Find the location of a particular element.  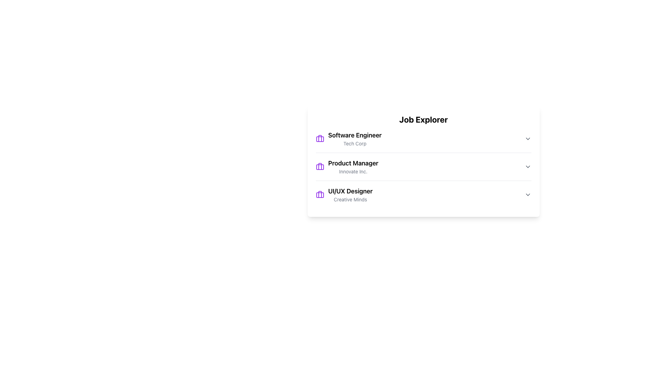

the non-interactive text label displaying 'Tech Corp', which provides supplemental information about the job title 'Software Engineer' is located at coordinates (355, 143).